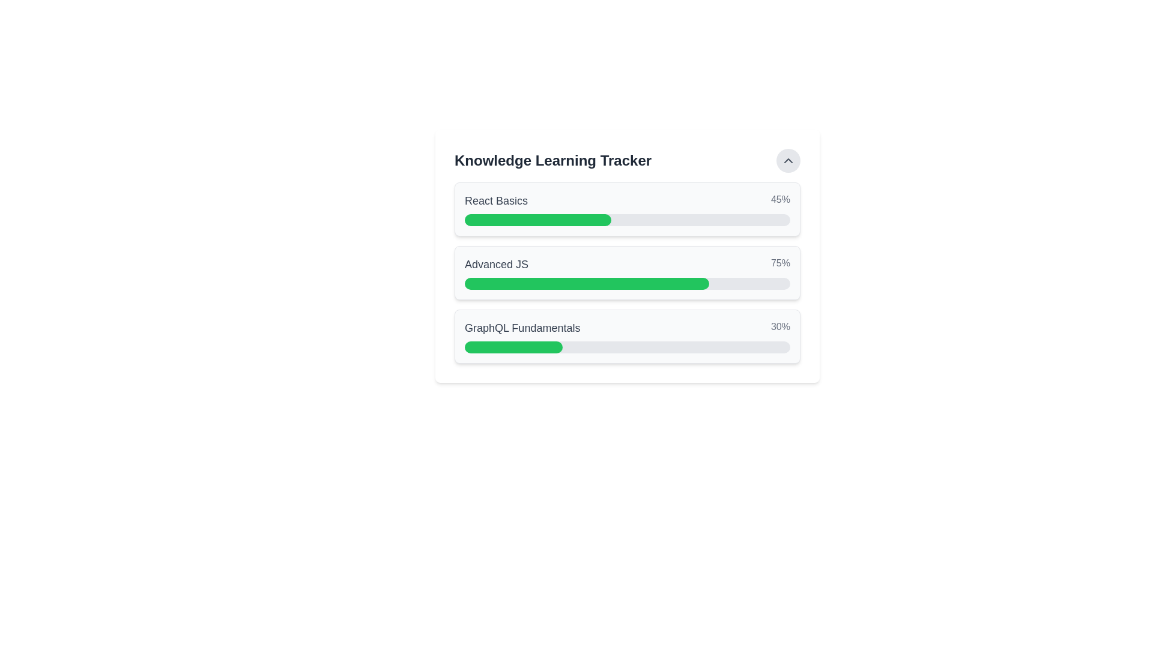  What do you see at coordinates (587, 284) in the screenshot?
I see `Progress indicator bar representing 75% completion of the 'Advanced JS' learning module, which is part of the progress tracker` at bounding box center [587, 284].